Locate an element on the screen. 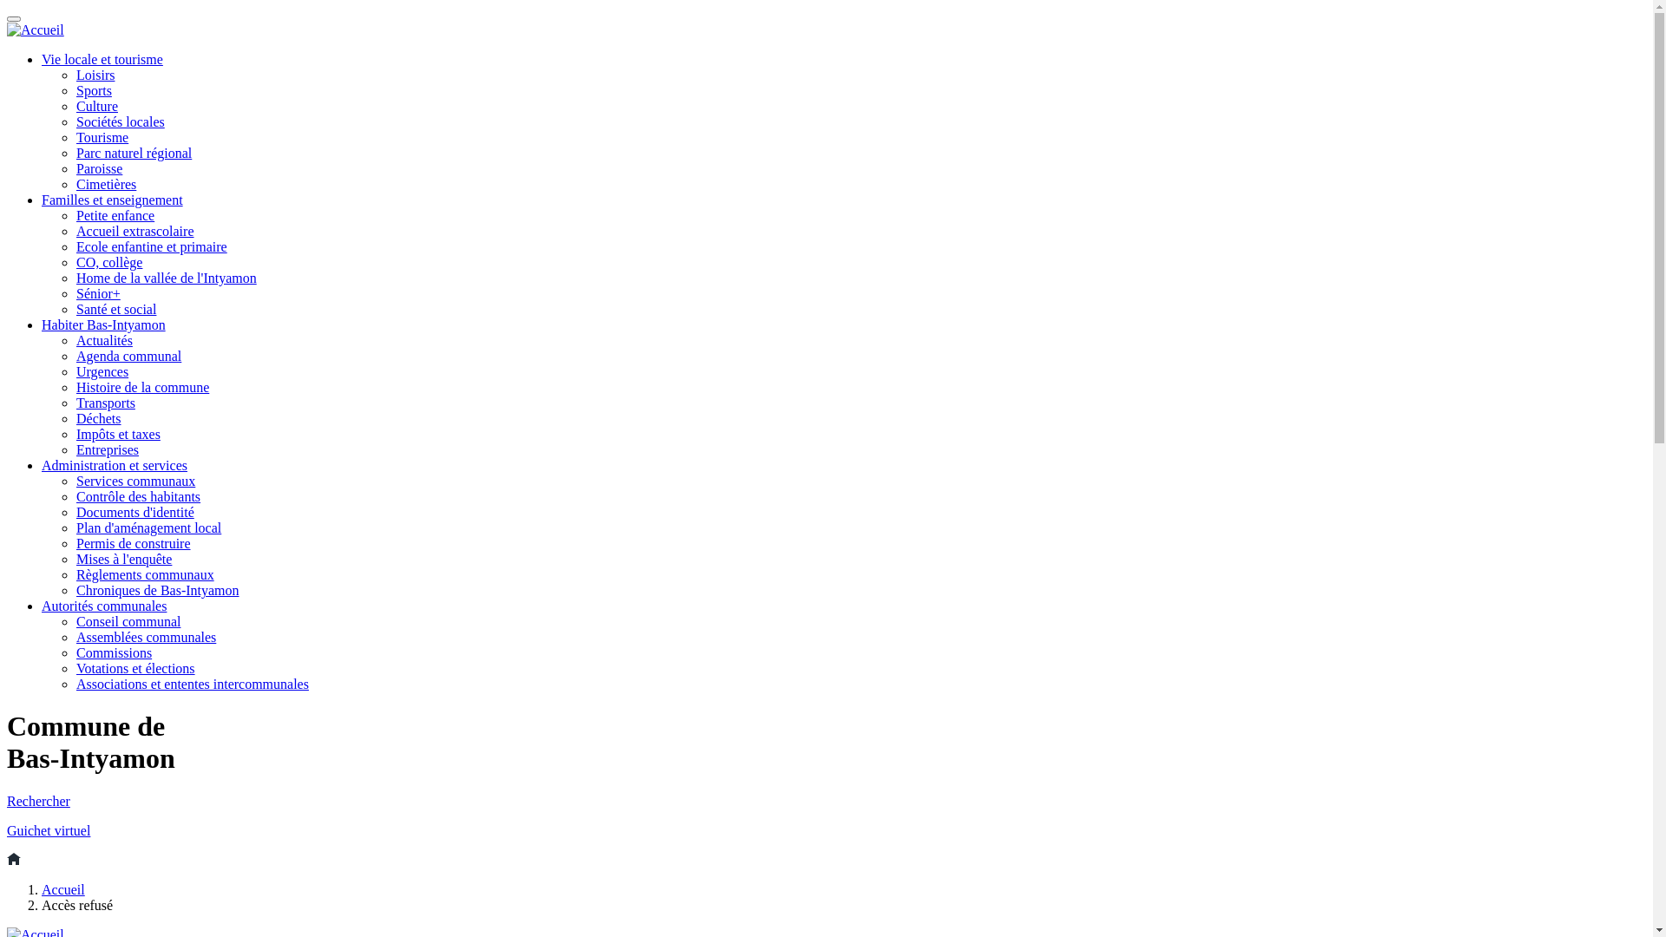 This screenshot has width=1666, height=937. 'Services communaux' is located at coordinates (134, 481).